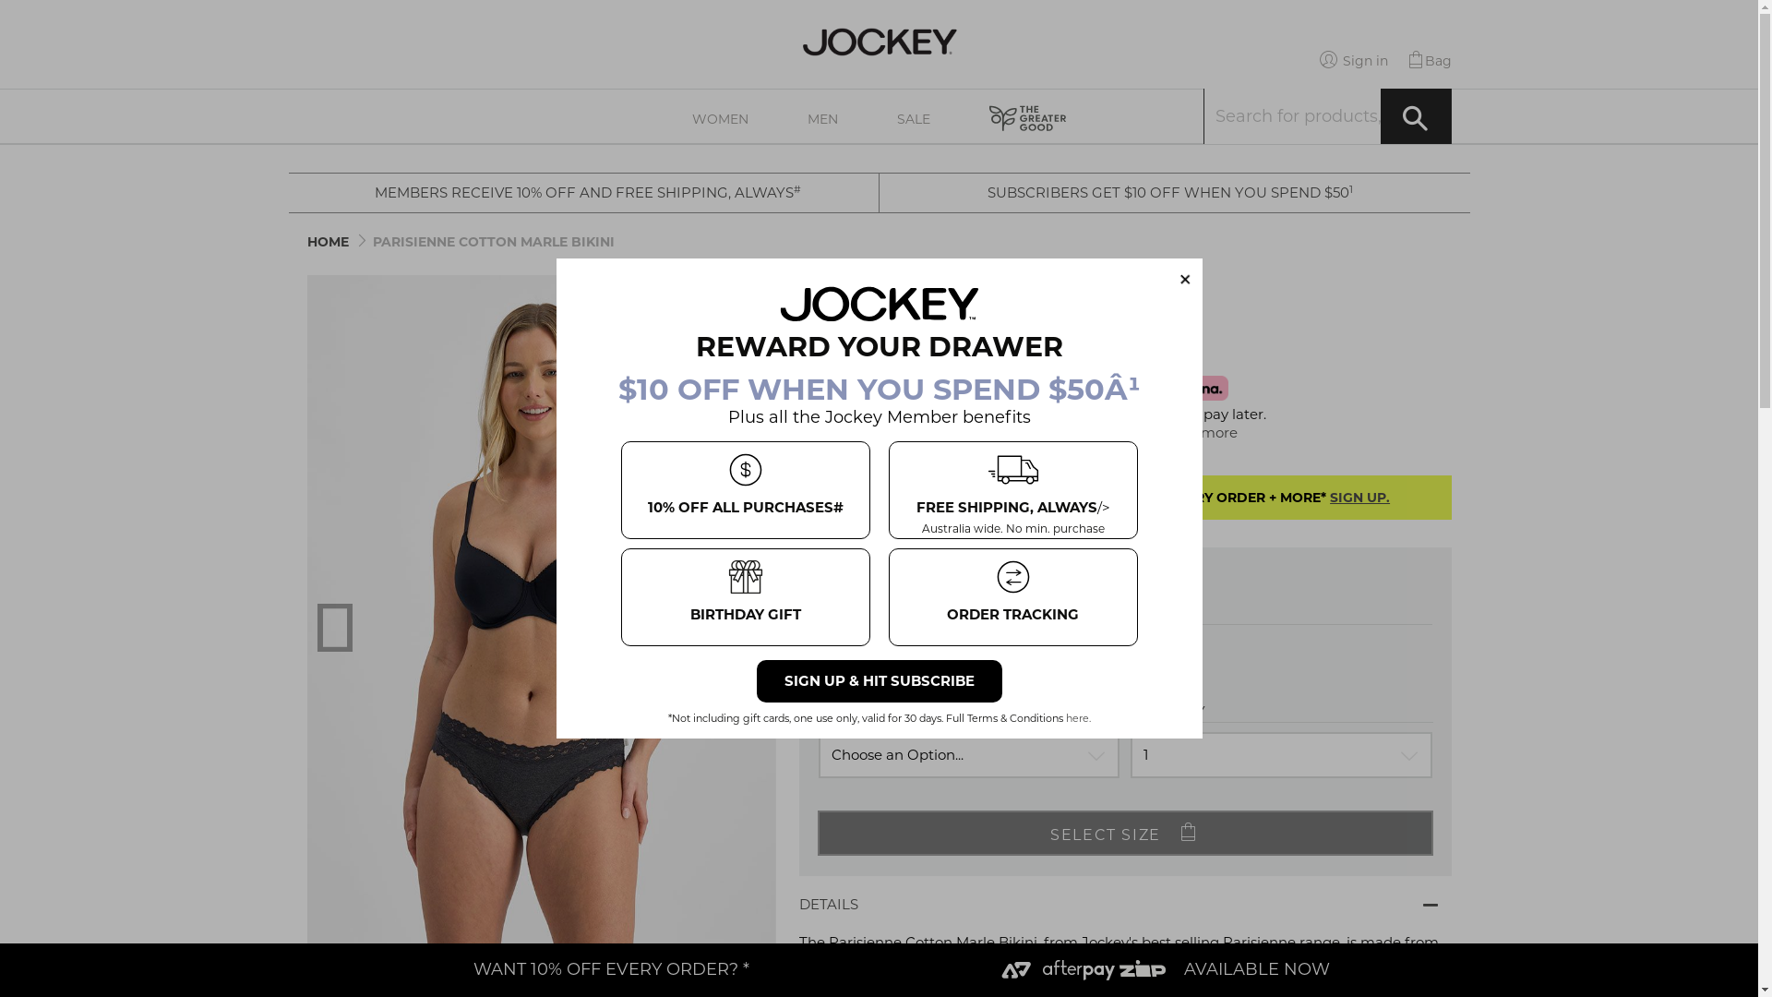  Describe the element at coordinates (1197, 432) in the screenshot. I see `'Learn more'` at that location.